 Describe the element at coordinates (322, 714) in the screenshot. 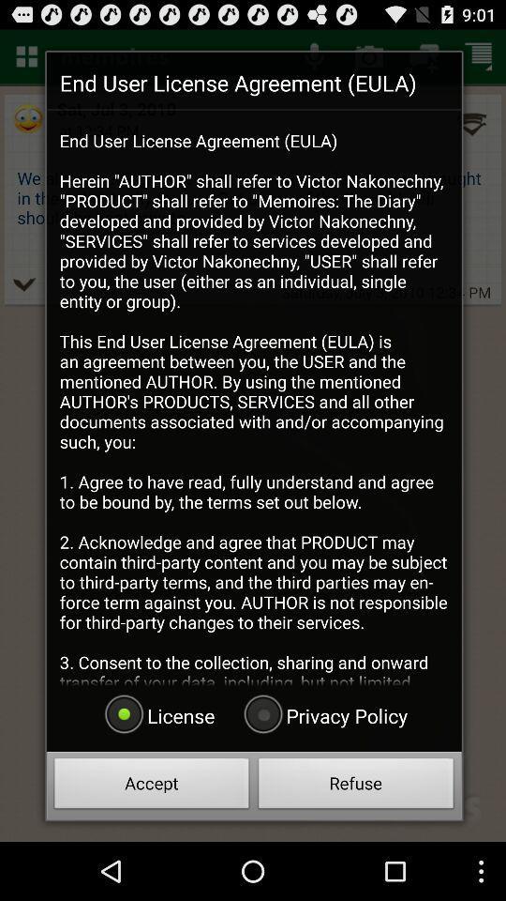

I see `app below end user license app` at that location.